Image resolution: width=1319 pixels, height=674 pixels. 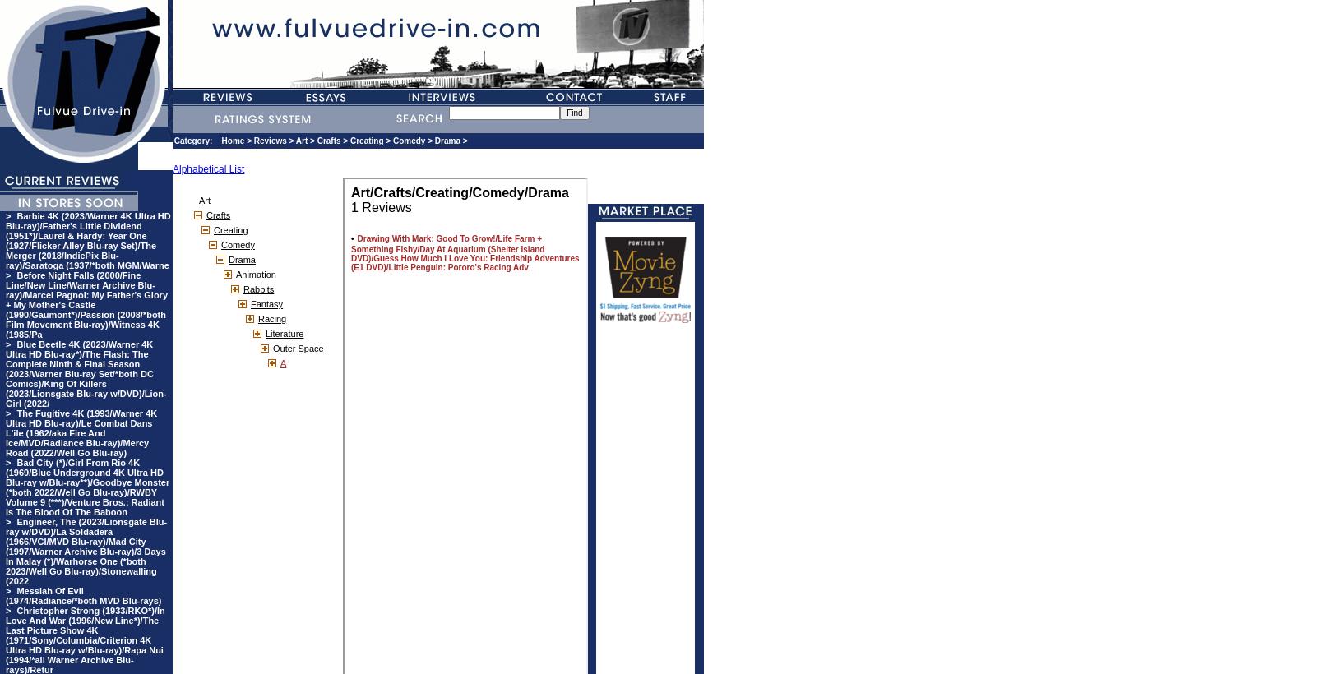 I want to click on 'Rabbits', so click(x=258, y=289).